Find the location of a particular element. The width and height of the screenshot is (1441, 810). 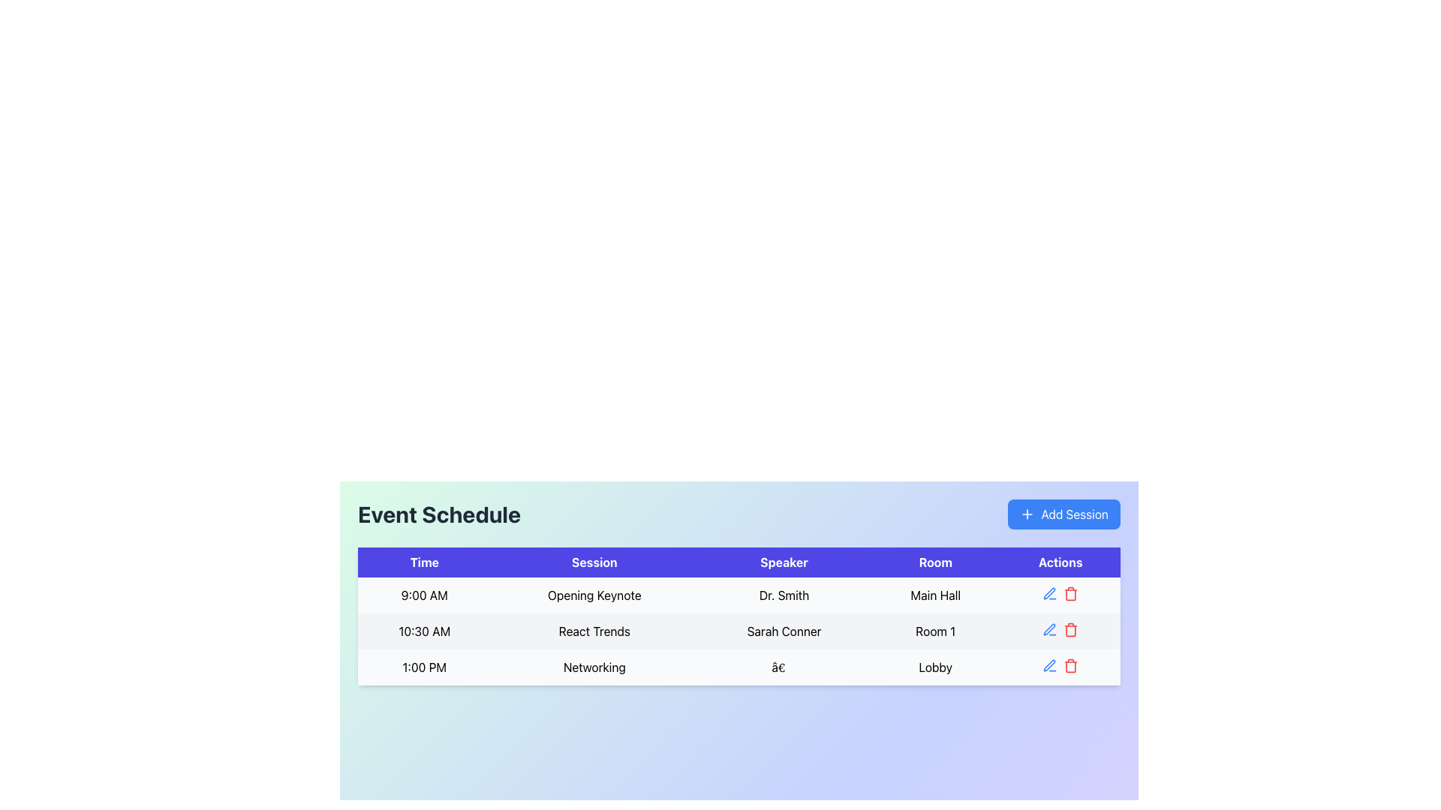

the delete icon located in the 'Actions' column of the third row in the 'Event Schedule' table to initiate the delete action is located at coordinates (1070, 666).